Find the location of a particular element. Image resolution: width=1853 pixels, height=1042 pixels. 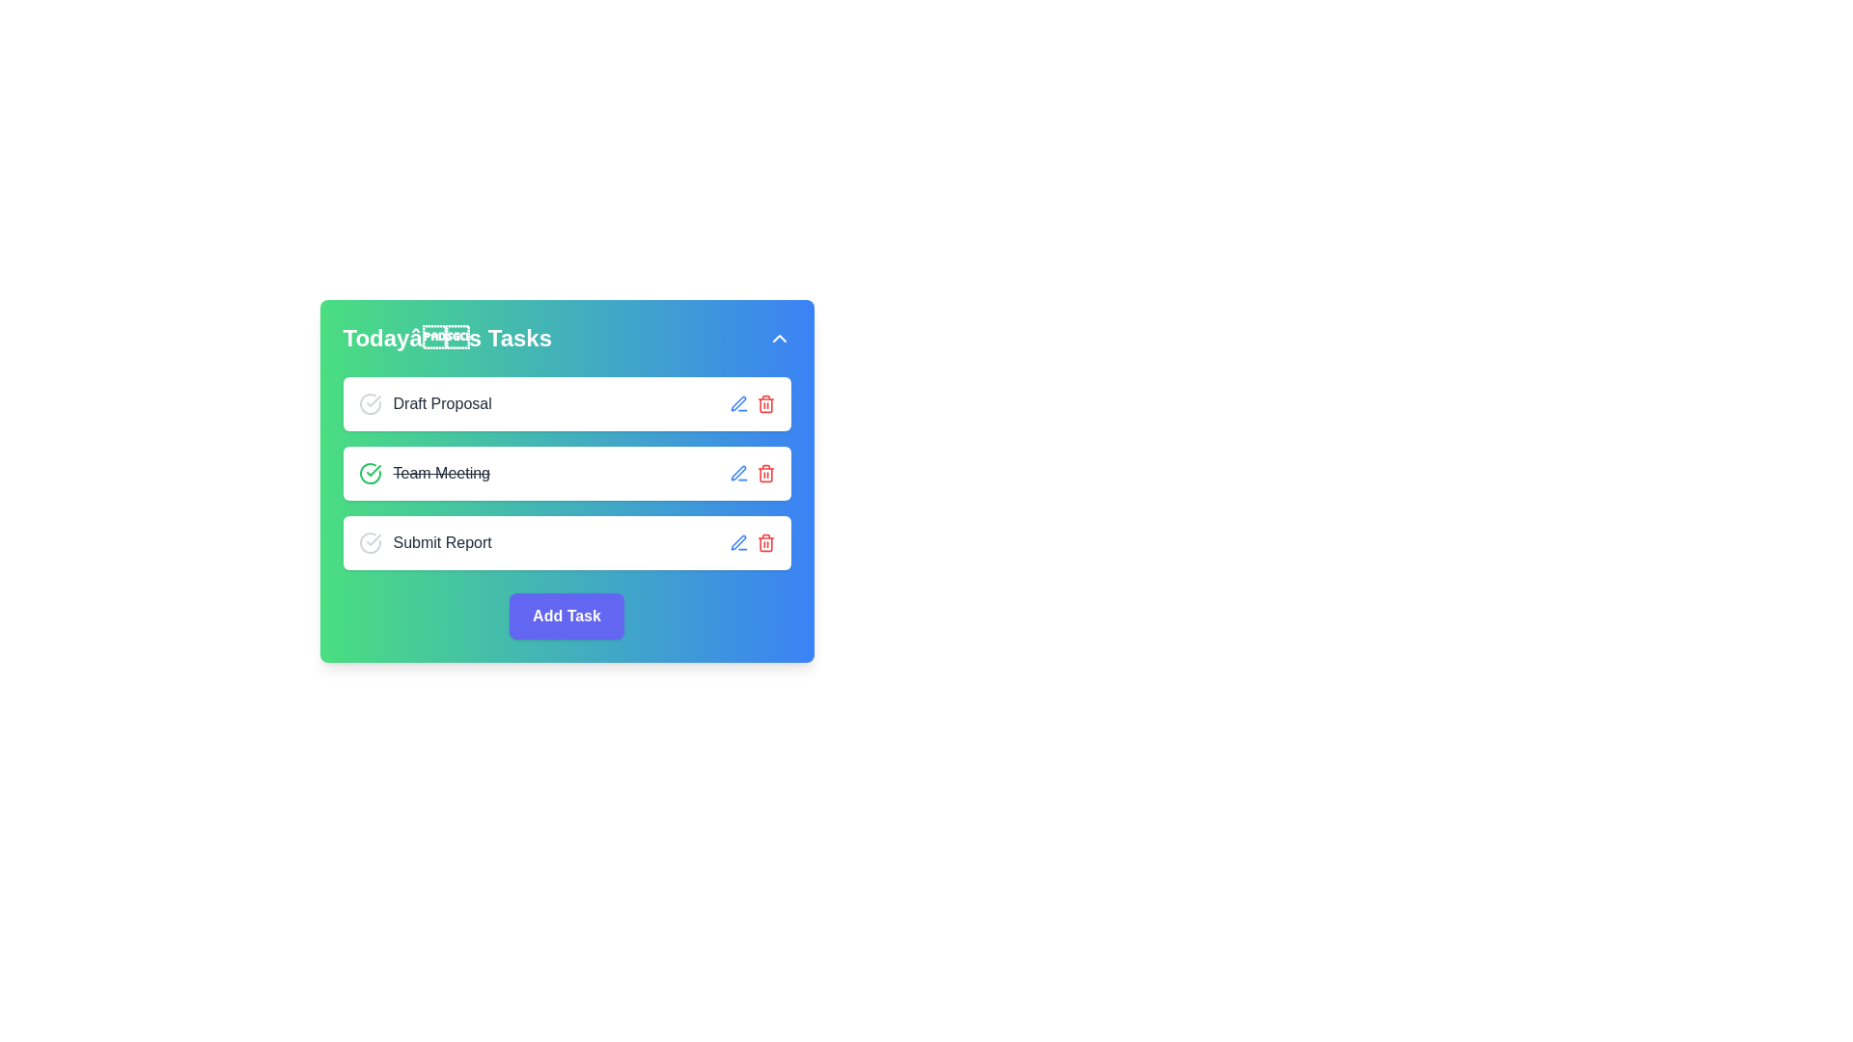

the Action buttons group (Edit and Delete) icons, which consists of a blue pen icon on the left and a red trash bin icon on the right, located in the top-right corner of the 'Draft Proposal' row is located at coordinates (751, 403).